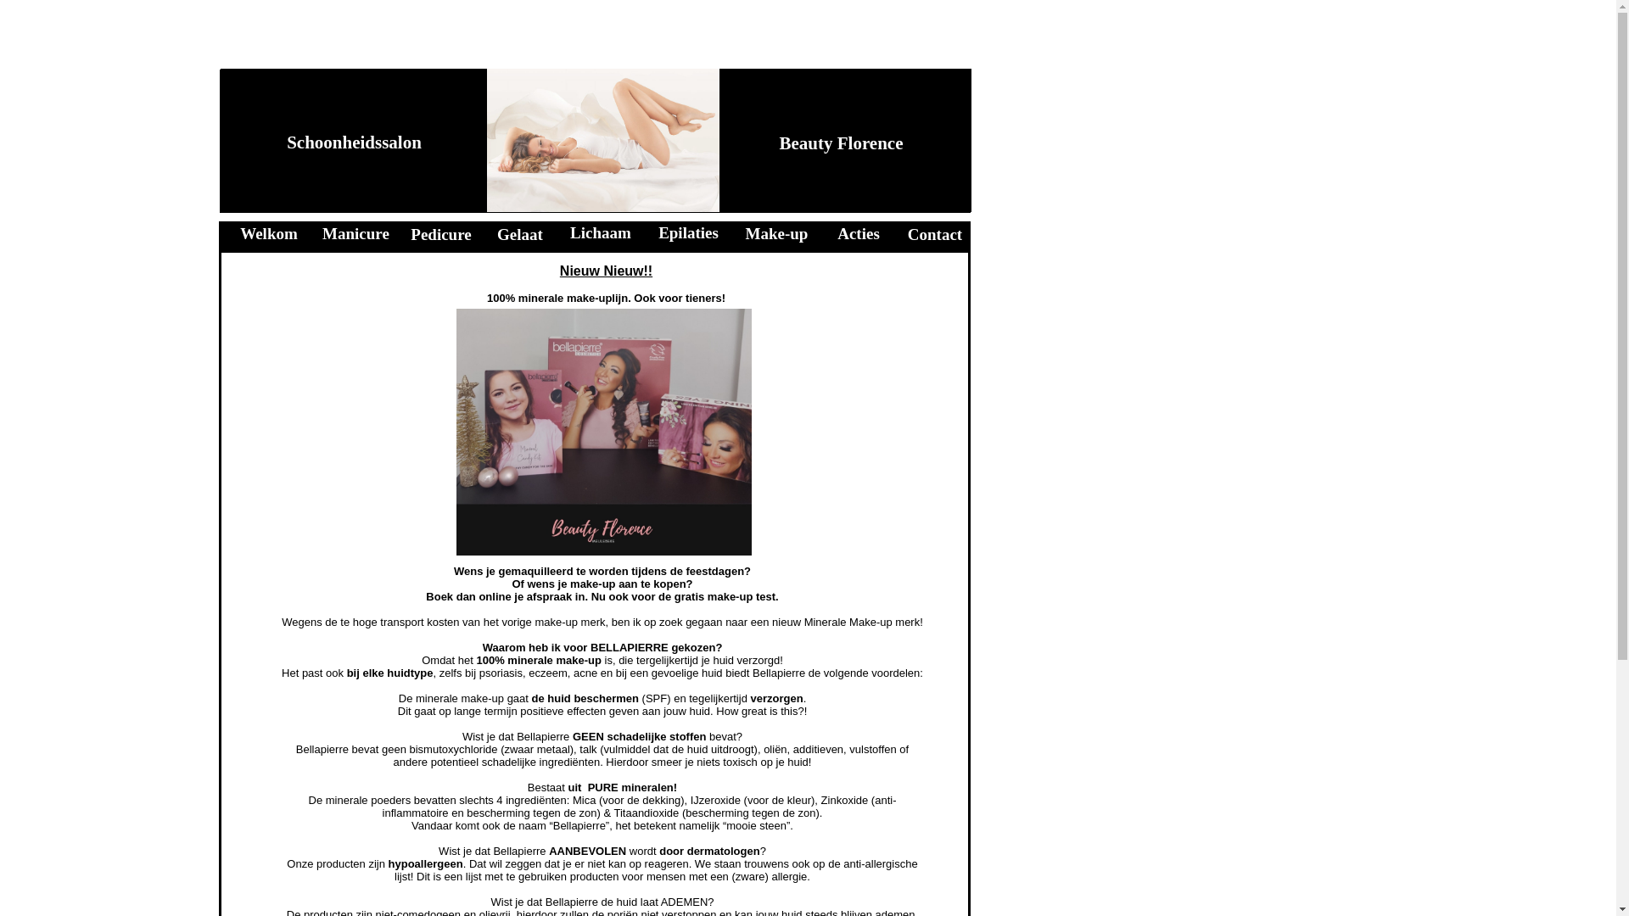 The width and height of the screenshot is (1629, 916). I want to click on 'Manicure', so click(355, 233).